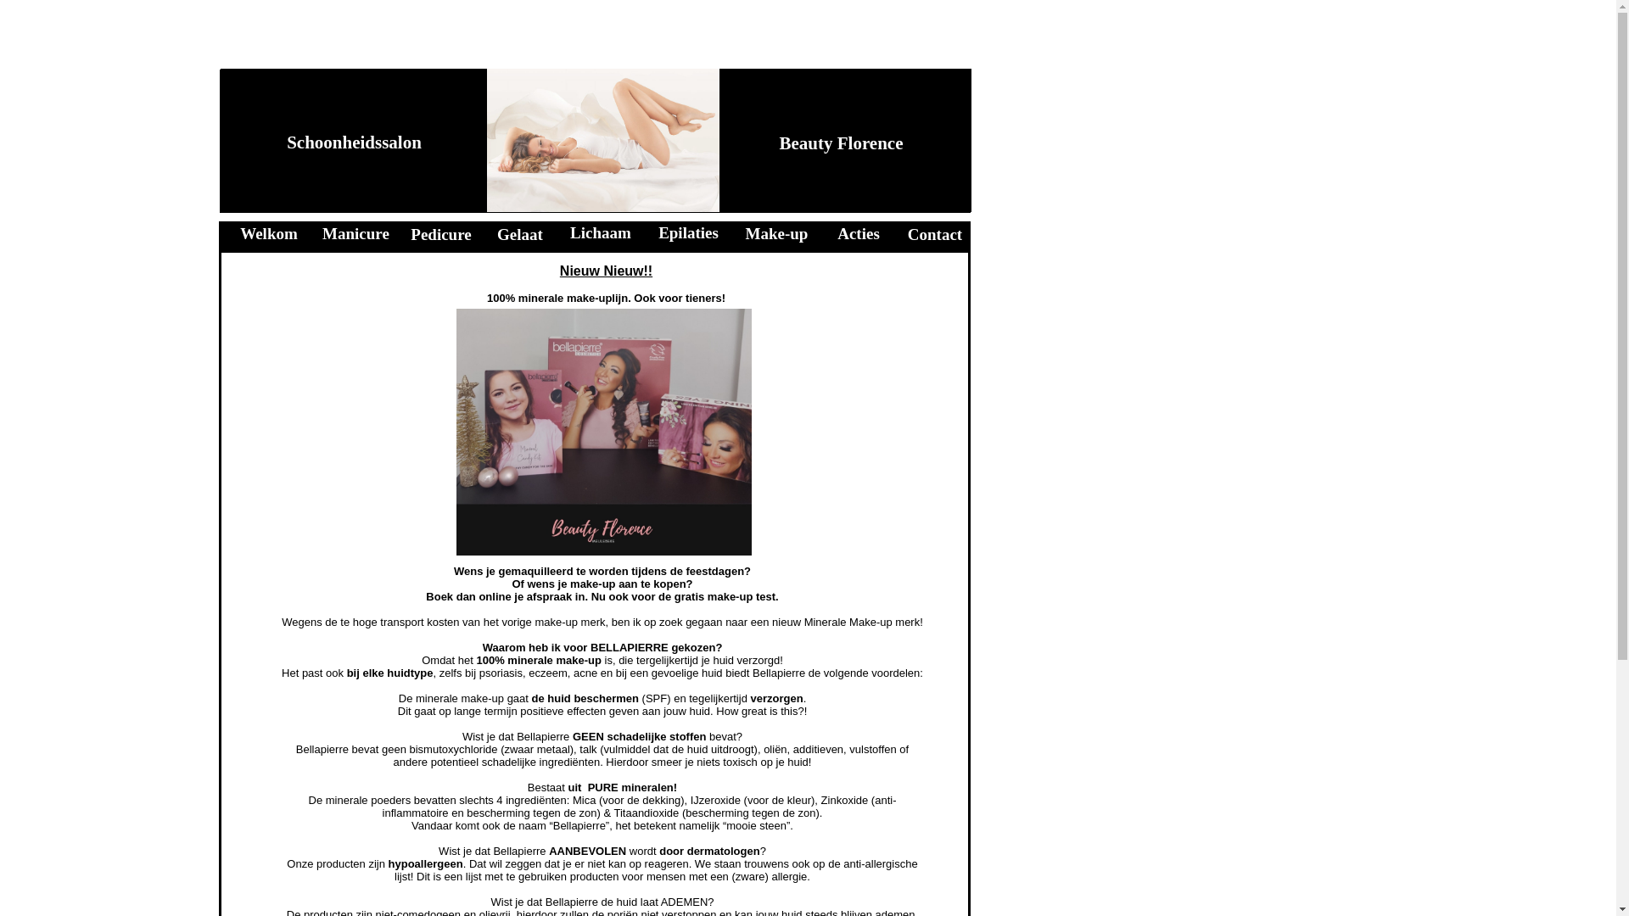 The width and height of the screenshot is (1629, 916). I want to click on 'Manicure', so click(355, 233).